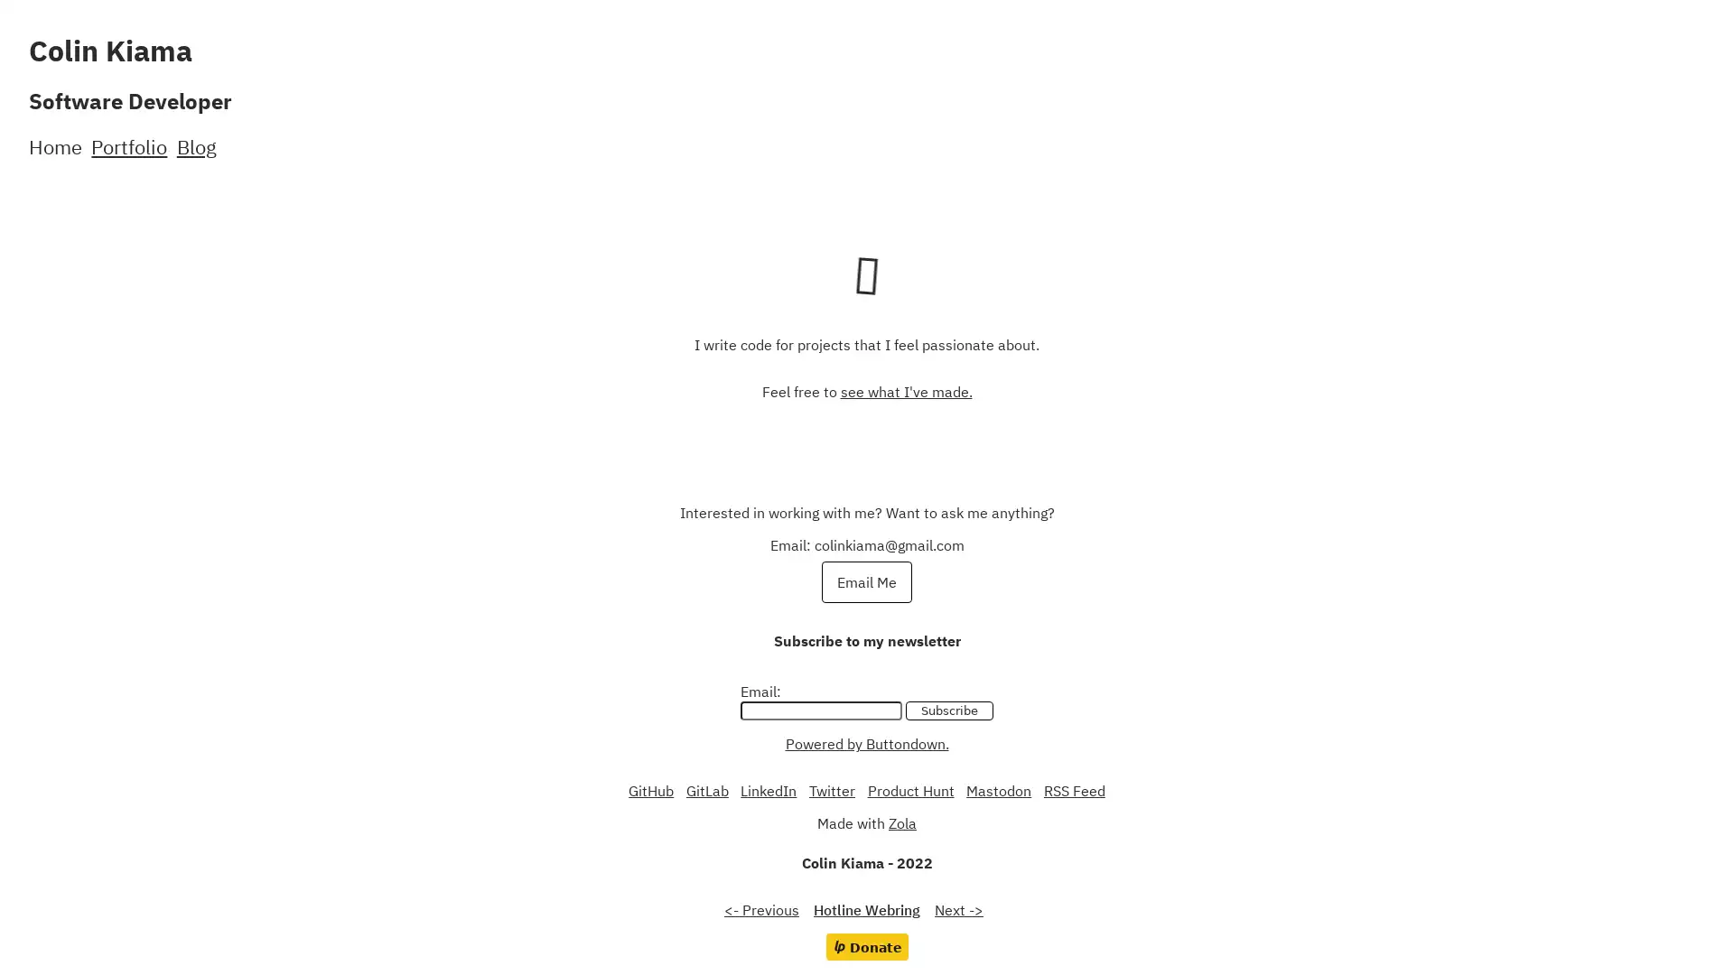 Image resolution: width=1734 pixels, height=975 pixels. Describe the element at coordinates (948, 710) in the screenshot. I see `Subscribe` at that location.